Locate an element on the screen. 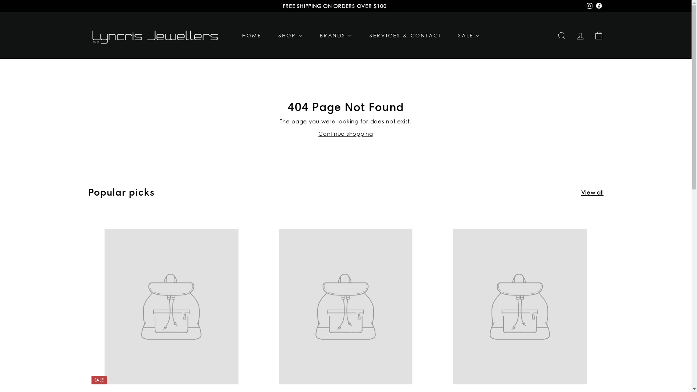  'instagram is located at coordinates (589, 6).